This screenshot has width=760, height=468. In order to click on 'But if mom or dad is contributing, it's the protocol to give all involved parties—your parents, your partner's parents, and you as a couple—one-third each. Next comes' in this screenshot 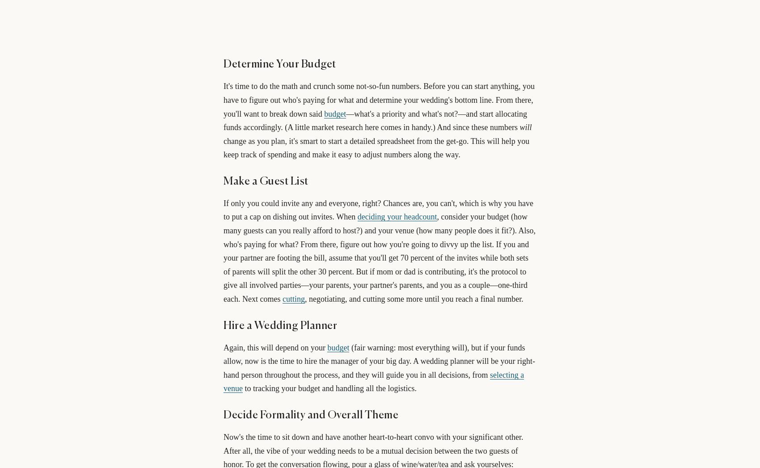, I will do `click(375, 285)`.